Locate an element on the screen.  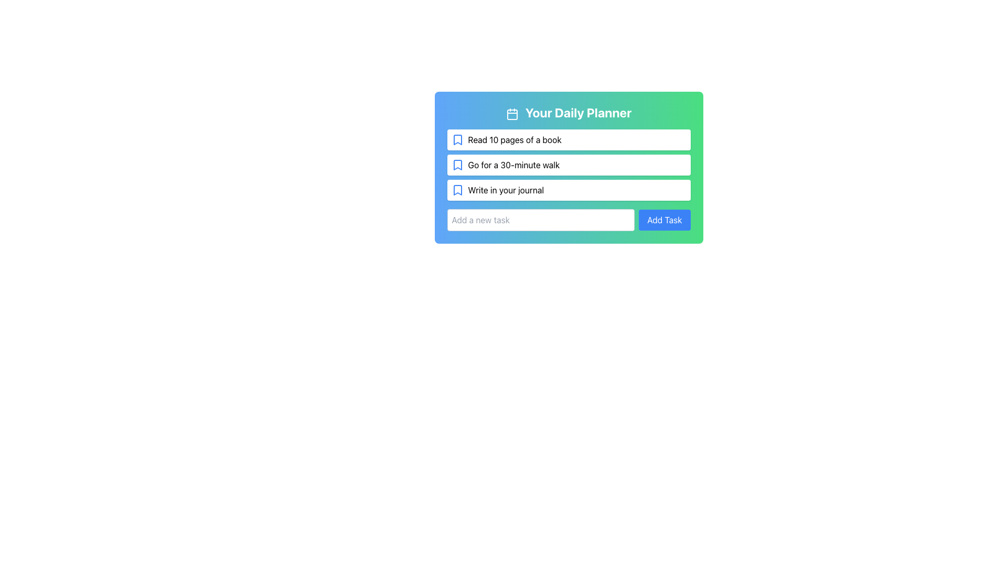
the bookmark-shaped icon located to the left of the list item that reads 'Read 10 pages of a book' is located at coordinates (457, 139).